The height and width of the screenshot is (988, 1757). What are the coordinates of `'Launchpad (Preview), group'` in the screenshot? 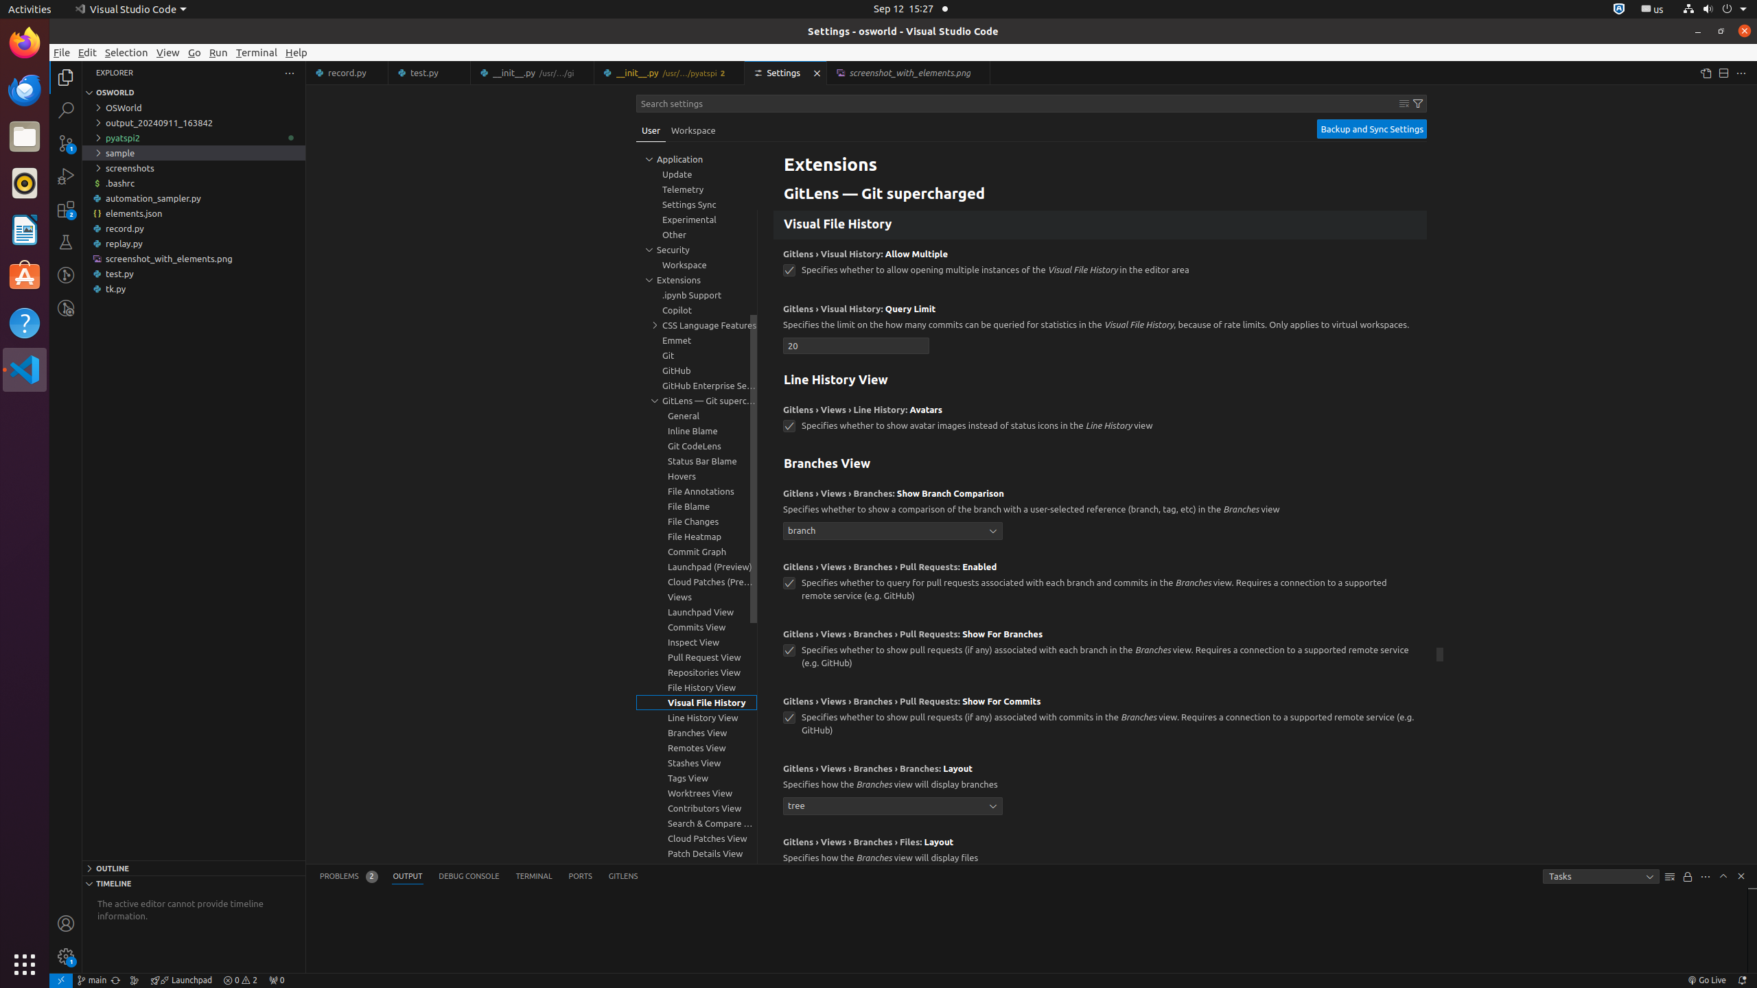 It's located at (697, 565).